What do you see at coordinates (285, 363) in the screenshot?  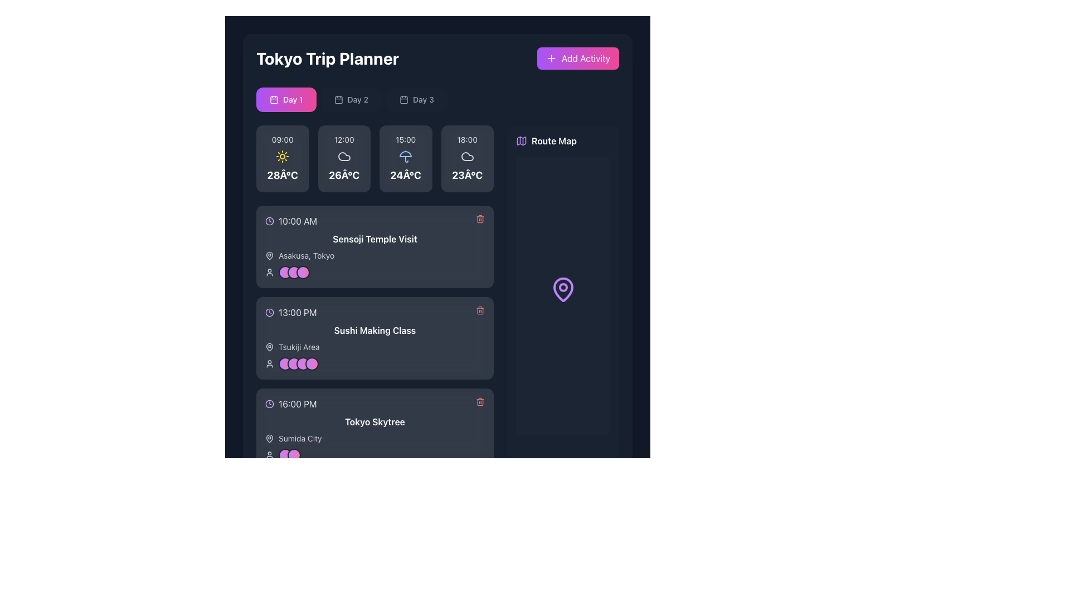 I see `the first circular avatar representing a participant in the 'Sushi Making Class' entry located below the event` at bounding box center [285, 363].